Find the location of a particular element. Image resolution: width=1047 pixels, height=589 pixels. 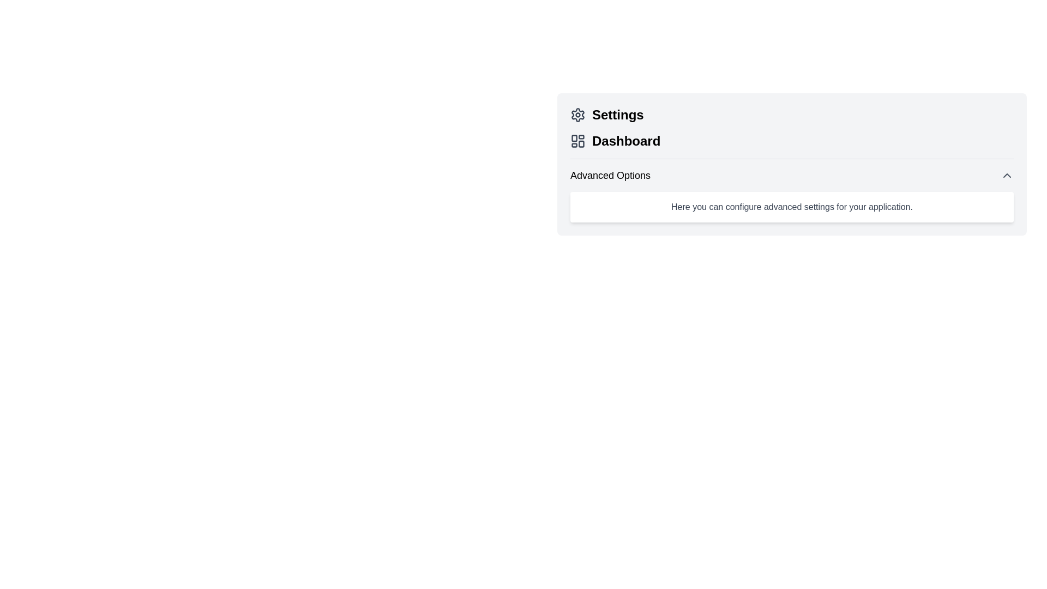

the non-interactive text label that serves as a title for the settings menu, positioned centrally with a cogwheel icon to the left is located at coordinates (618, 115).